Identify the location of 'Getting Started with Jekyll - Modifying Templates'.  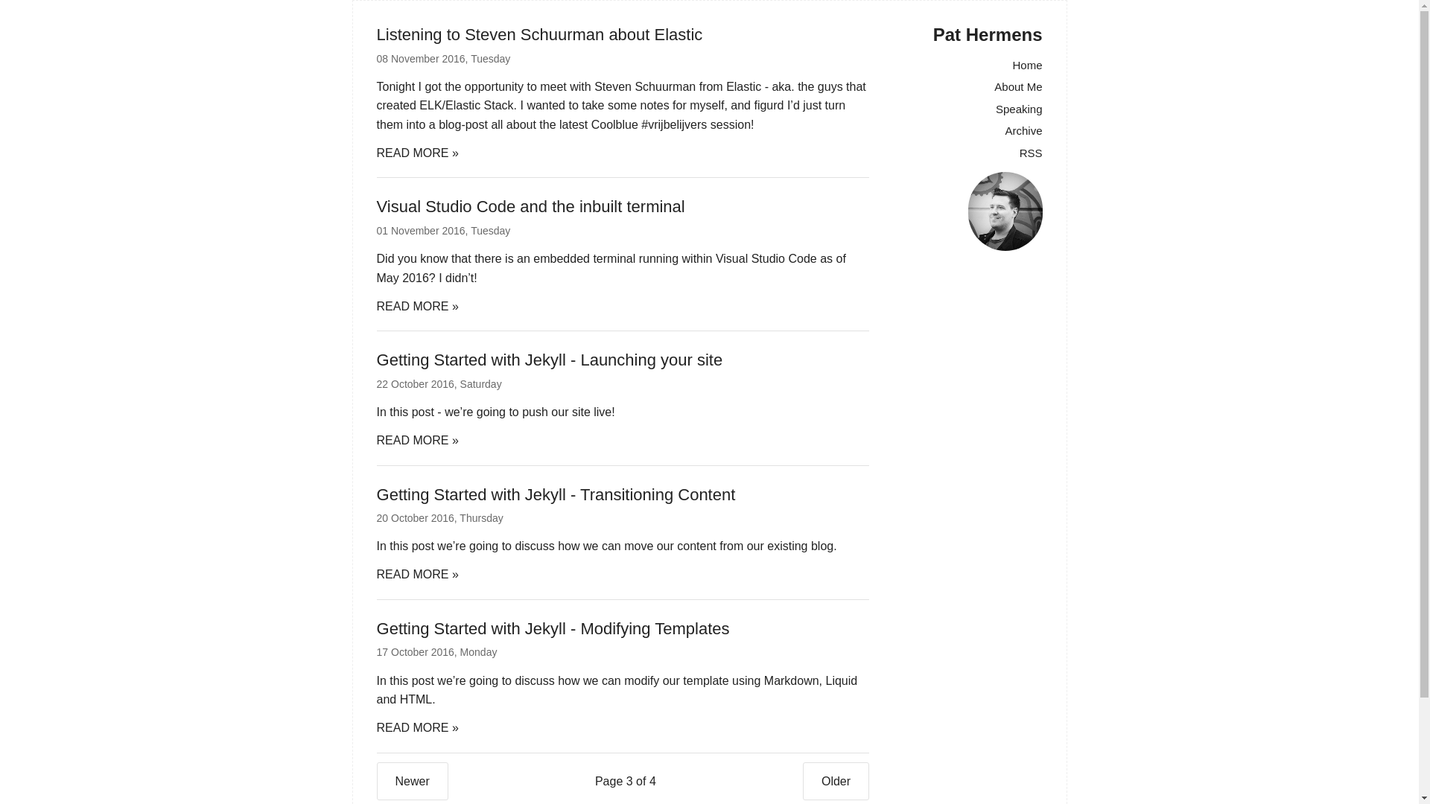
(553, 628).